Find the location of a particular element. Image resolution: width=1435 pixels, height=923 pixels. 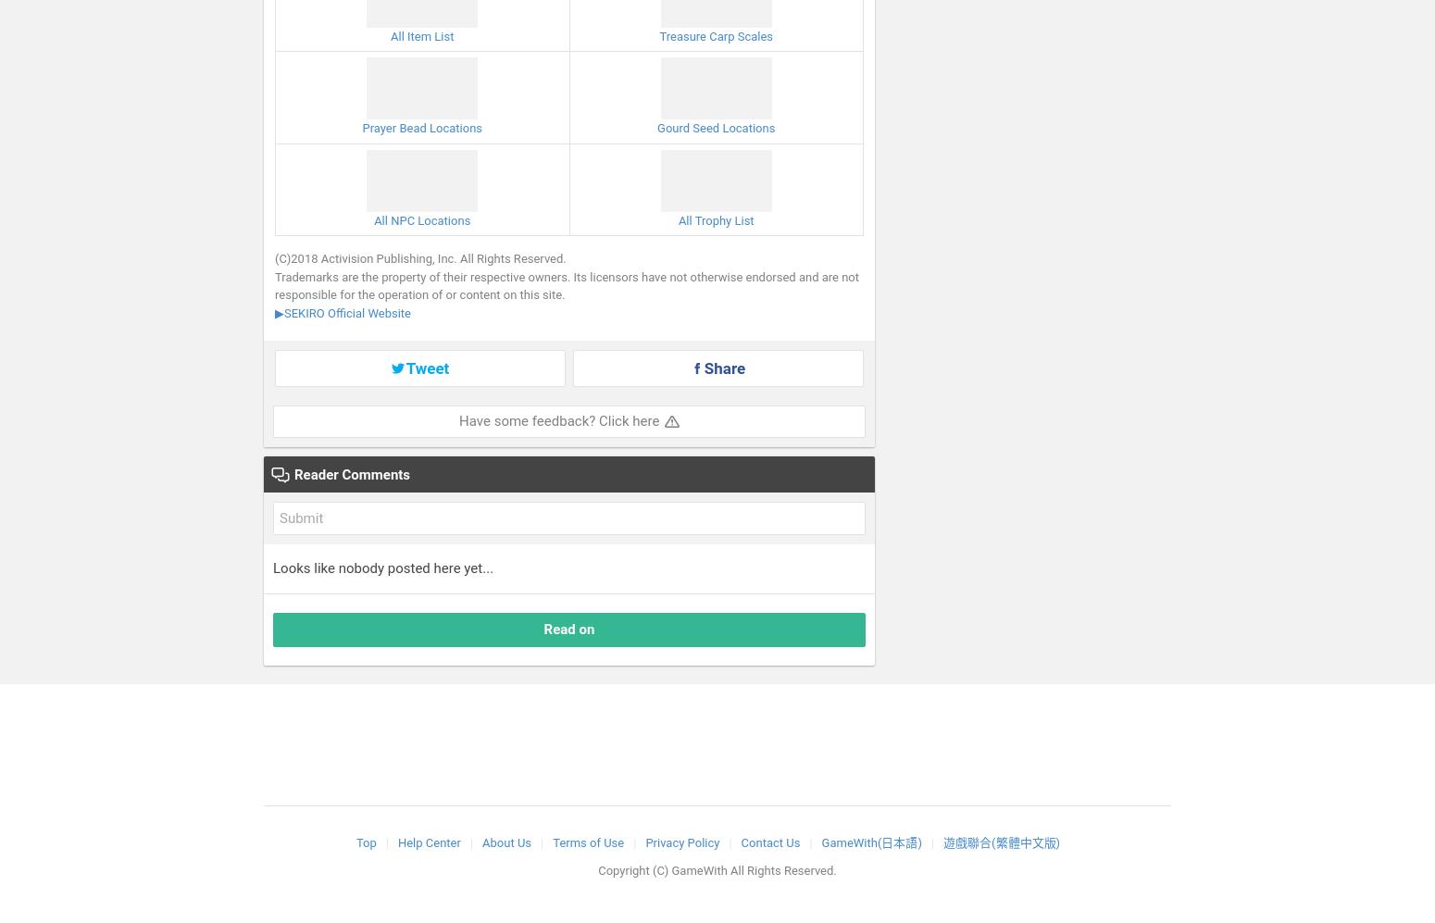

'Read on' is located at coordinates (543, 628).